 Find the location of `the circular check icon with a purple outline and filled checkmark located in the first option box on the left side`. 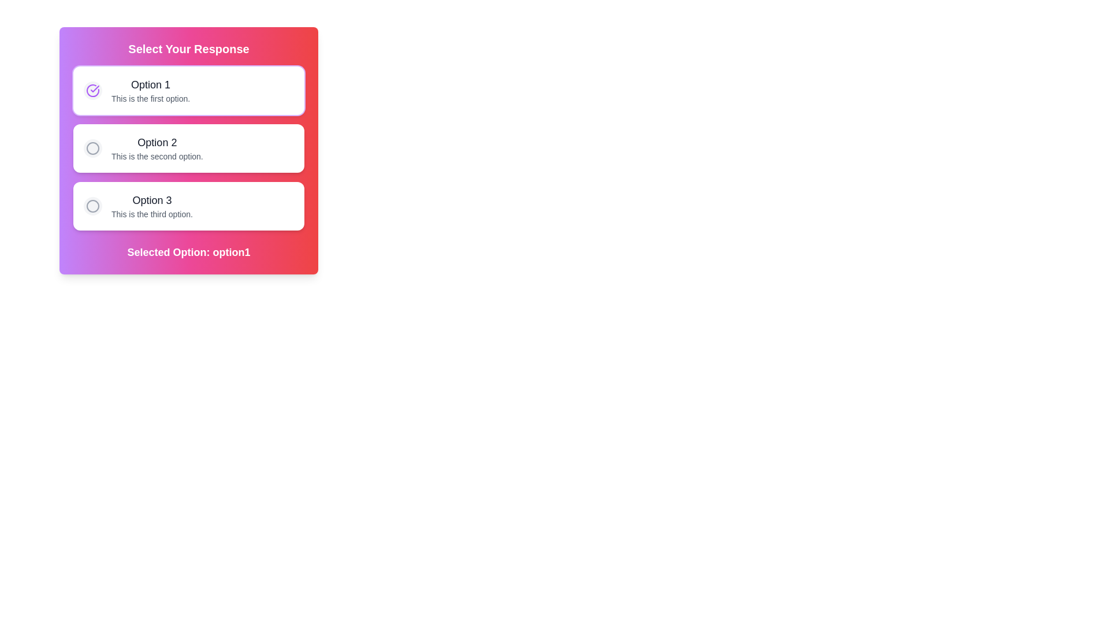

the circular check icon with a purple outline and filled checkmark located in the first option box on the left side is located at coordinates (93, 90).